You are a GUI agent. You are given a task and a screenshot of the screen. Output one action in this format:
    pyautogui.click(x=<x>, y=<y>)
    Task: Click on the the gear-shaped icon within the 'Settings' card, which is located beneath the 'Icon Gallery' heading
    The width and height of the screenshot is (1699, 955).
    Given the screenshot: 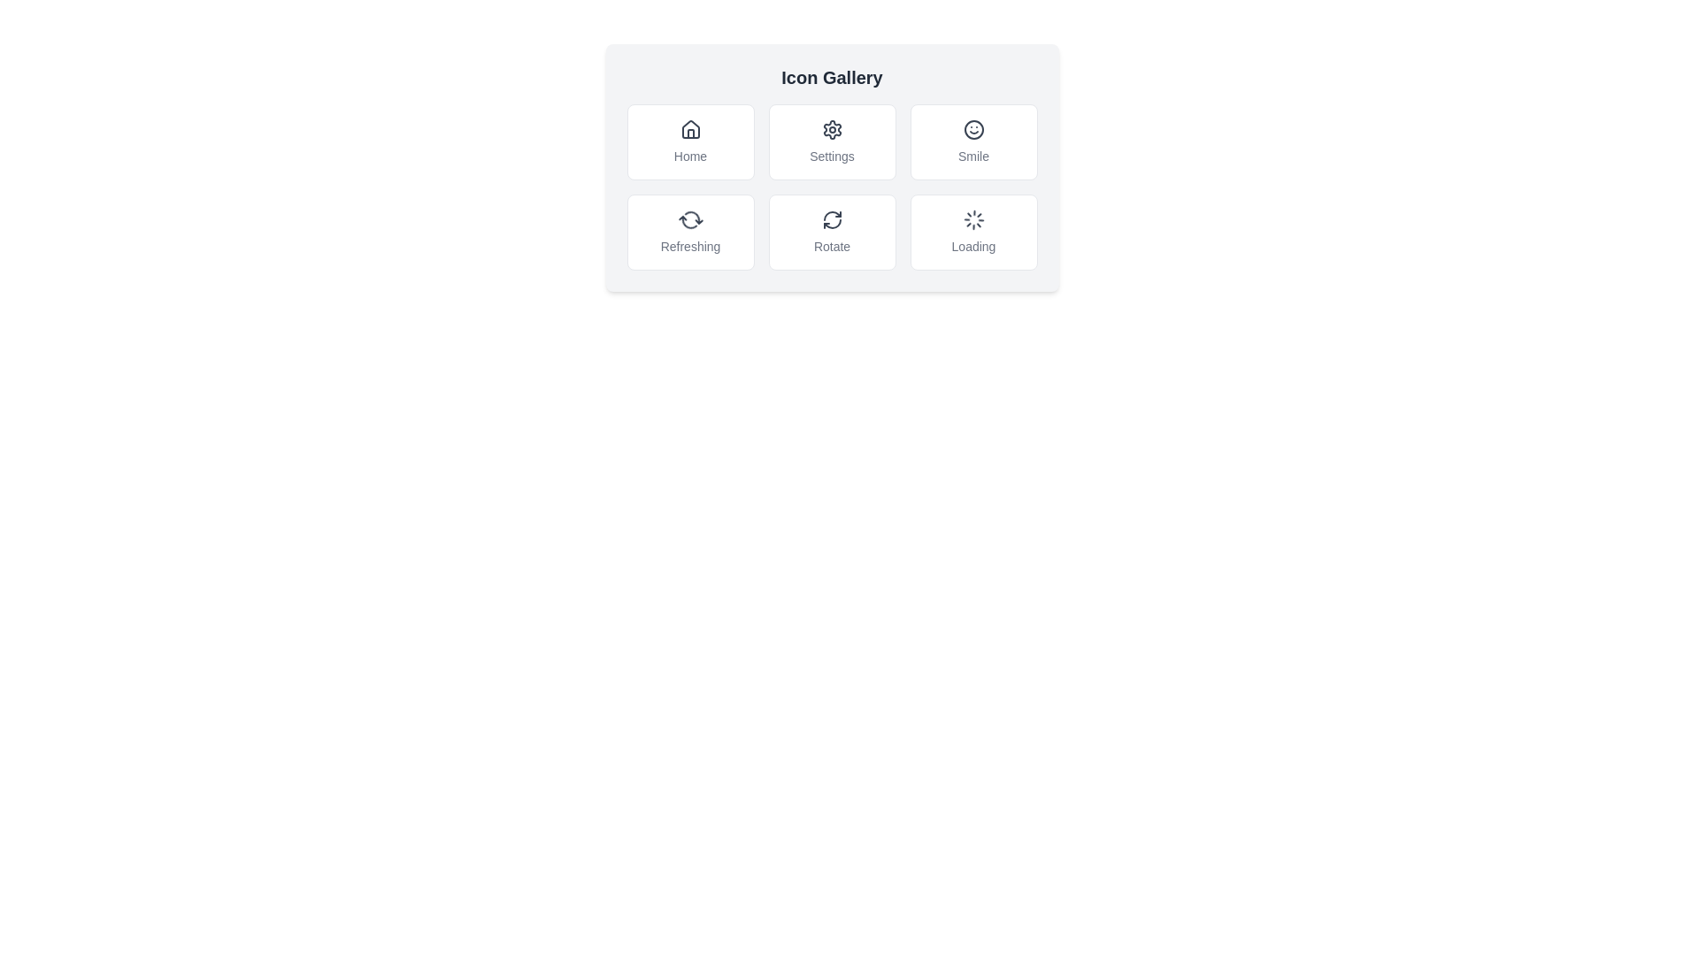 What is the action you would take?
    pyautogui.click(x=831, y=128)
    